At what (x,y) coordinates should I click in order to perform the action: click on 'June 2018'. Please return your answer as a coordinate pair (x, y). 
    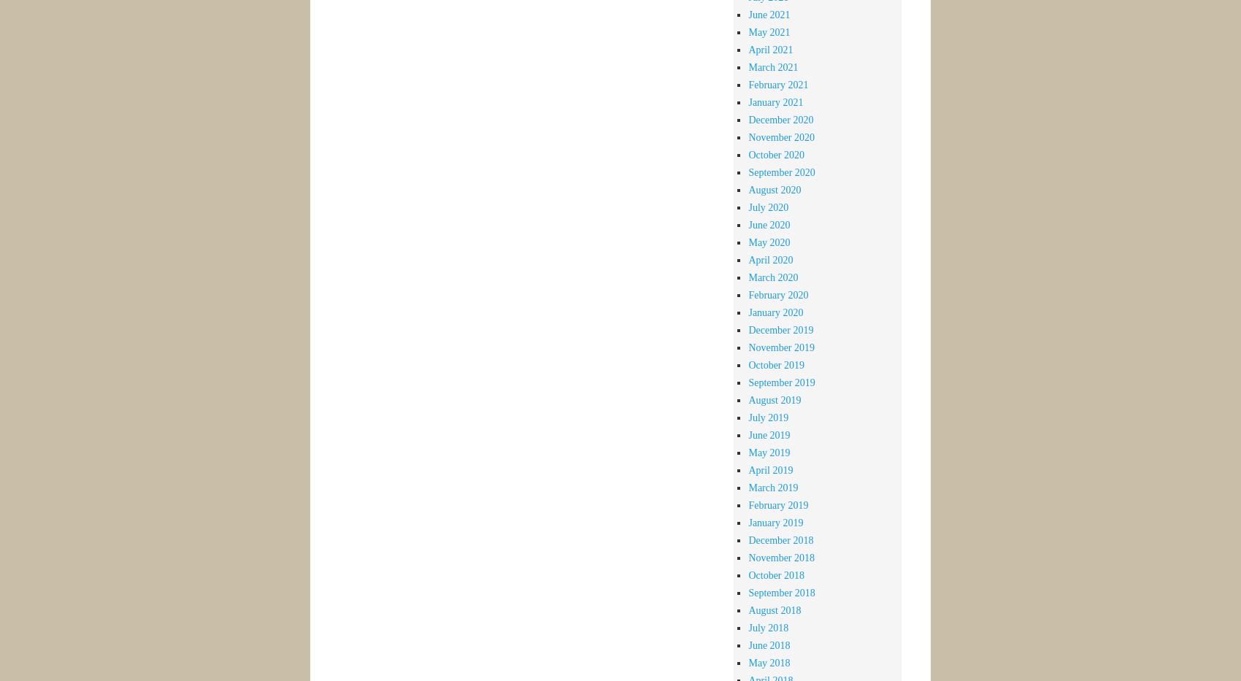
    Looking at the image, I should click on (768, 645).